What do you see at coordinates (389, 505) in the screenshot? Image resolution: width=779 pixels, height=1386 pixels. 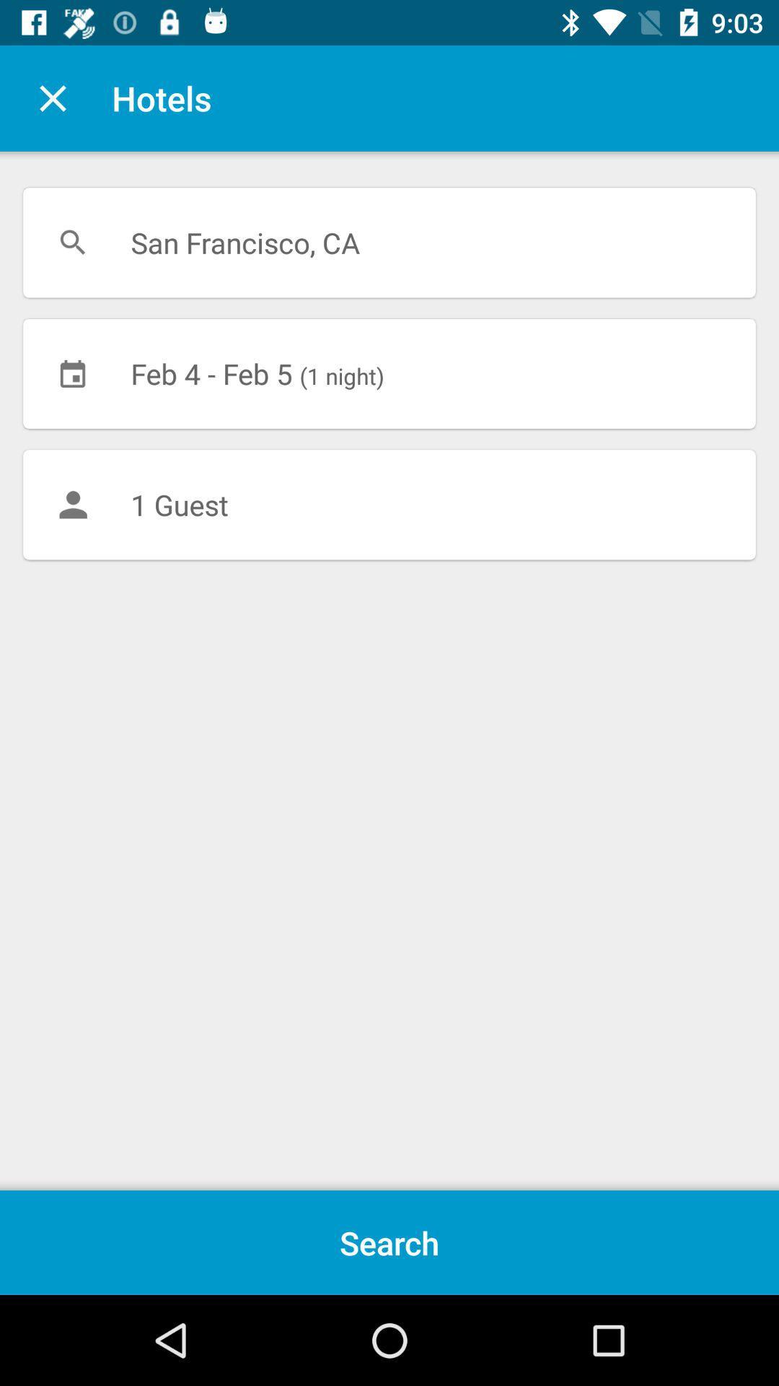 I see `the icon below the feb 4 feb item` at bounding box center [389, 505].